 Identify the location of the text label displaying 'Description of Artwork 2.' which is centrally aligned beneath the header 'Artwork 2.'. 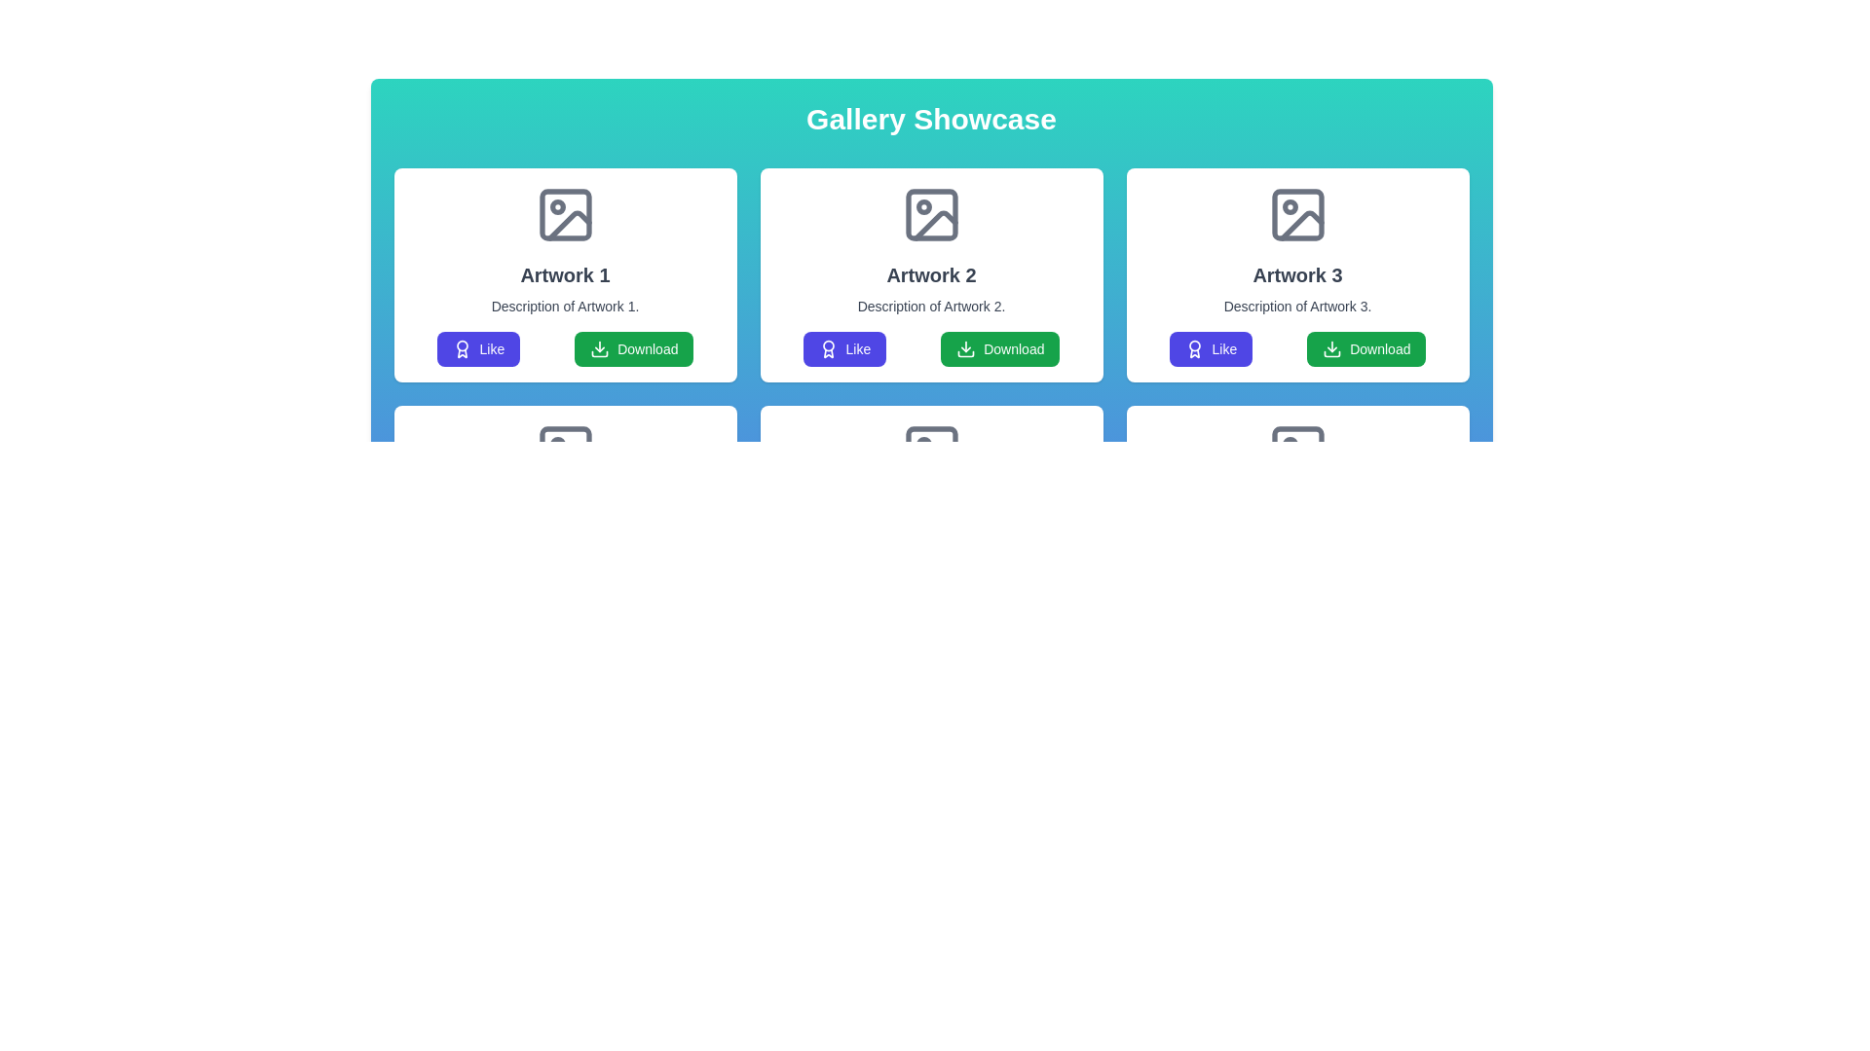
(930, 307).